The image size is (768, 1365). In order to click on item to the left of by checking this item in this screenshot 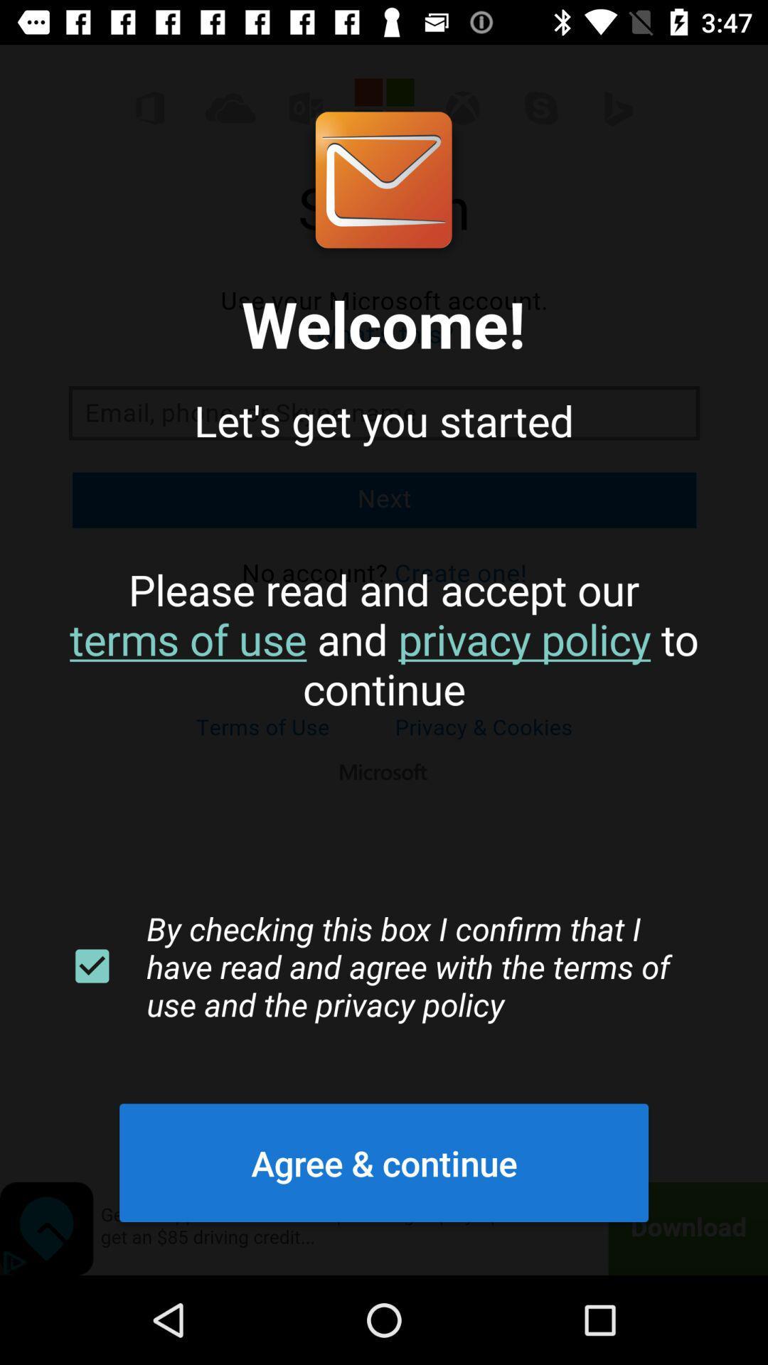, I will do `click(92, 966)`.